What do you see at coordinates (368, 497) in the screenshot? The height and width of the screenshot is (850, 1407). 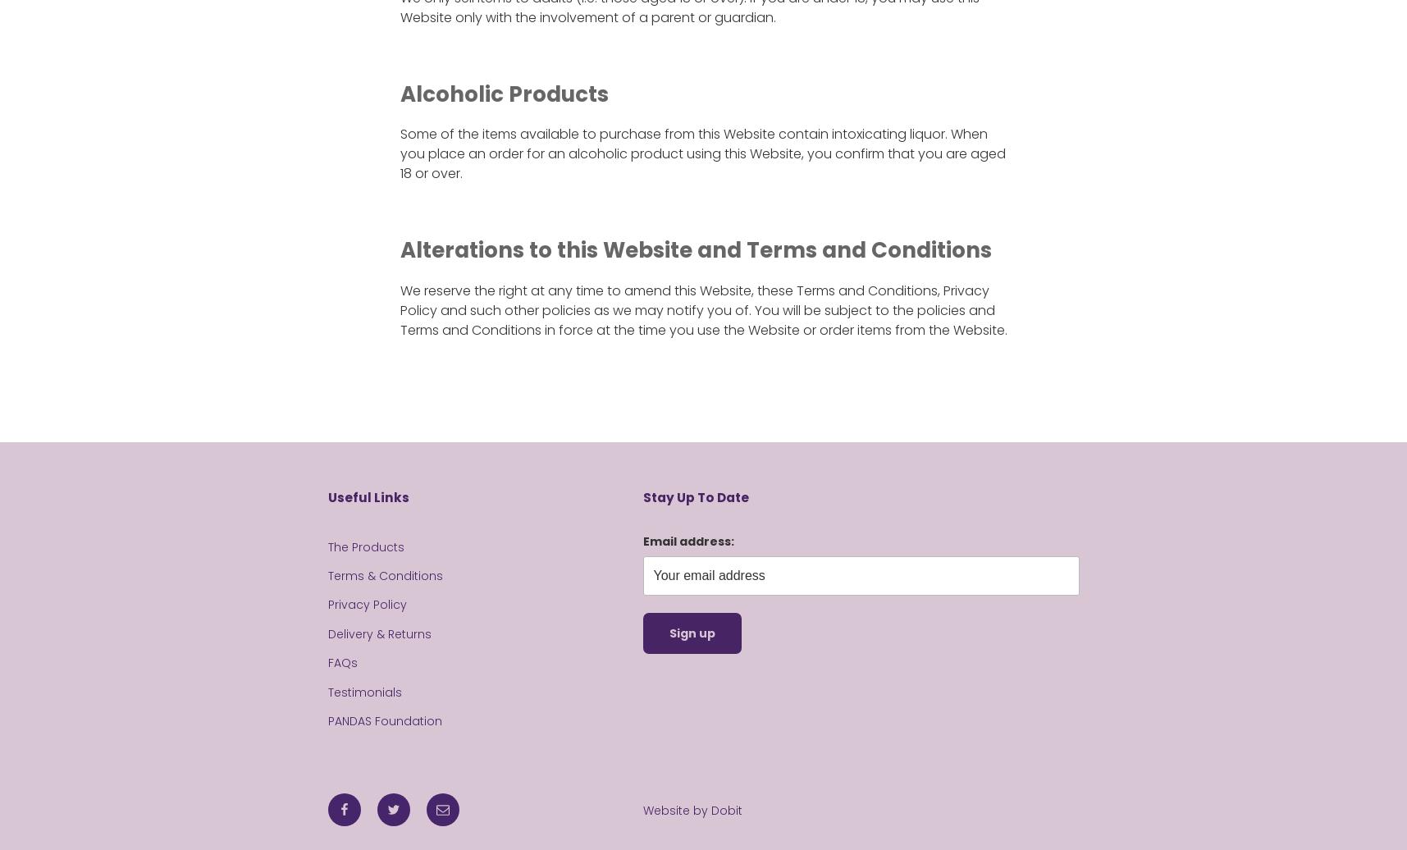 I see `'Useful Links'` at bounding box center [368, 497].